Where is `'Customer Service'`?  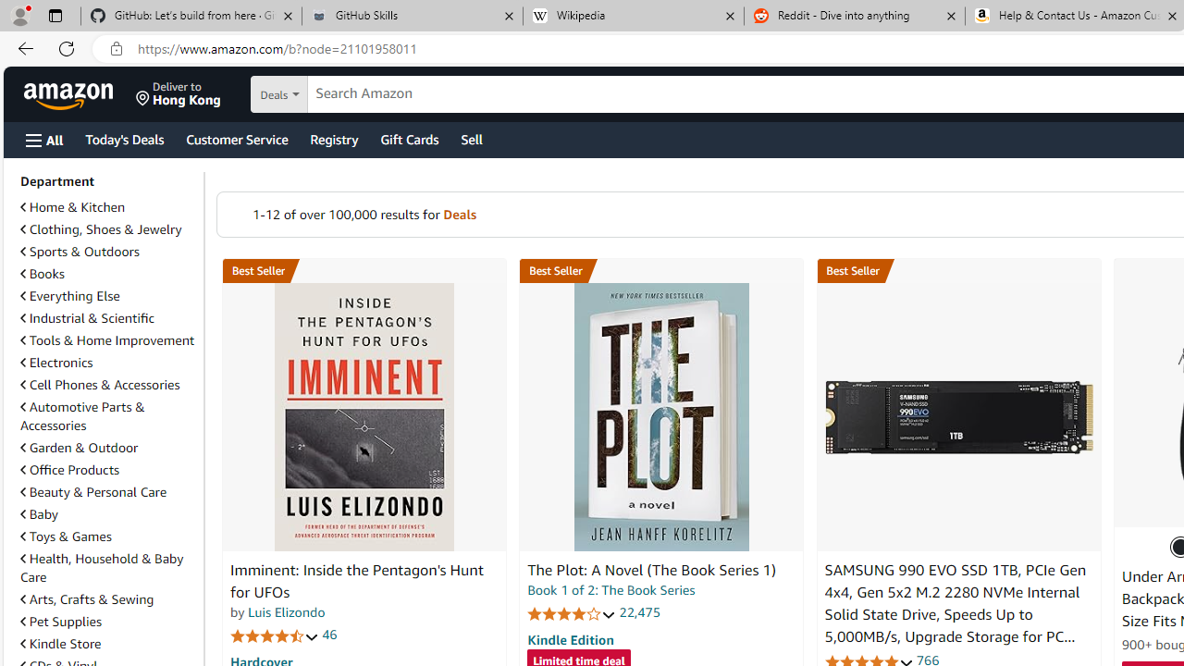 'Customer Service' is located at coordinates (236, 138).